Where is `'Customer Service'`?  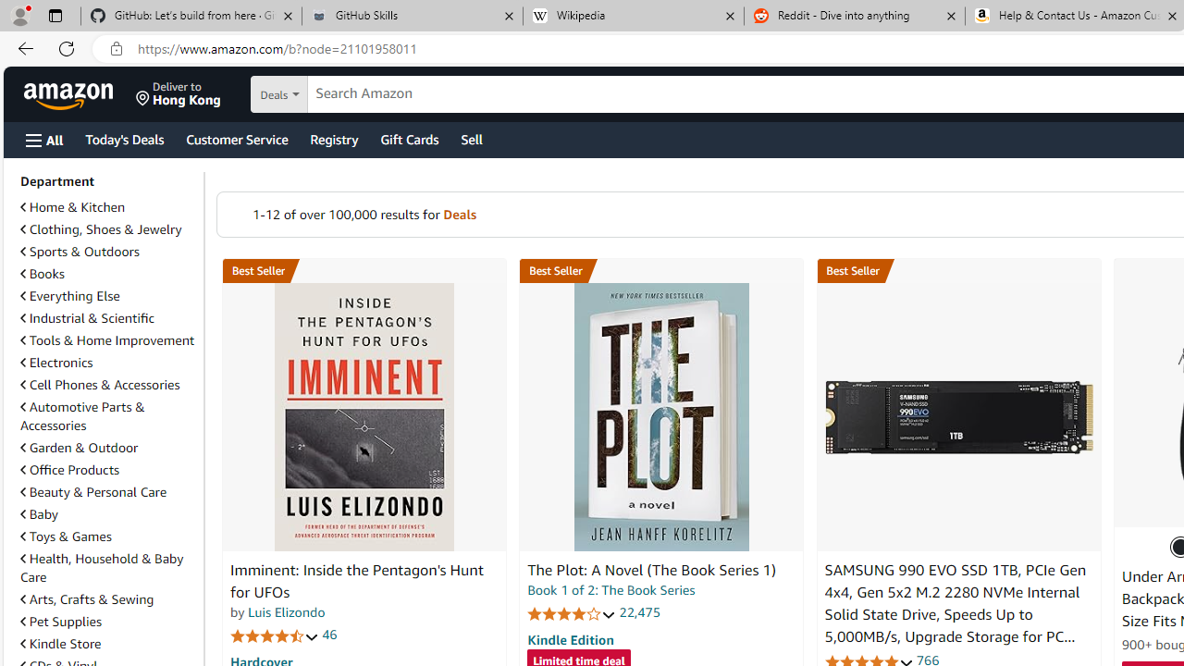 'Customer Service' is located at coordinates (236, 138).